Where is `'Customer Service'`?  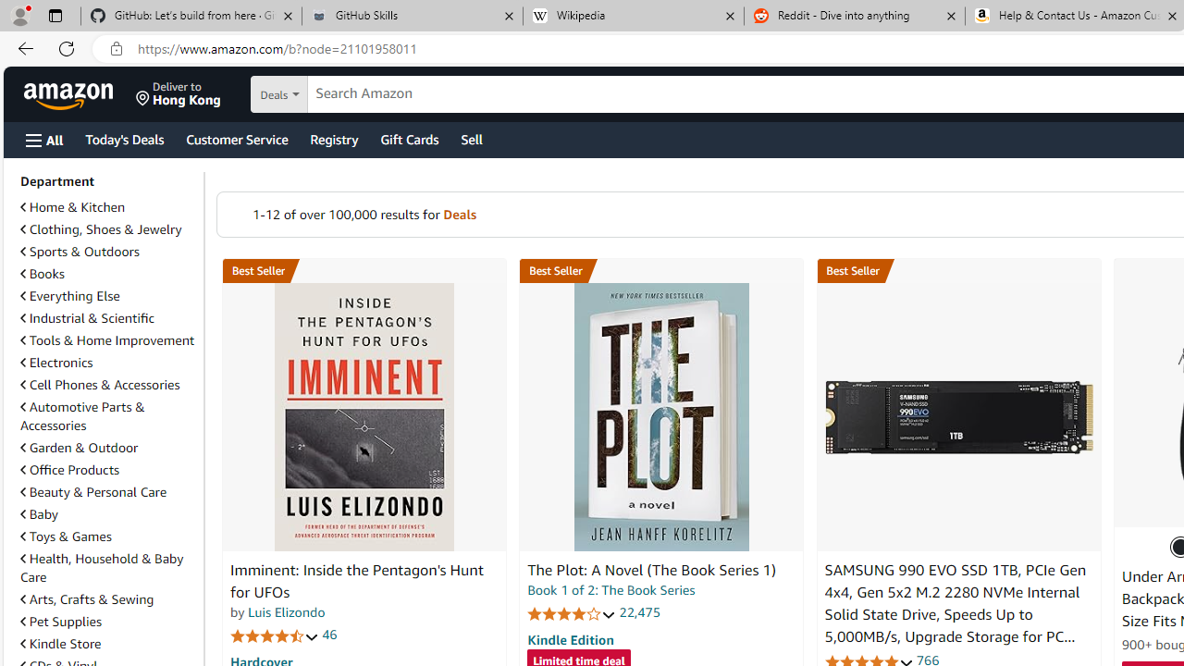 'Customer Service' is located at coordinates (236, 138).